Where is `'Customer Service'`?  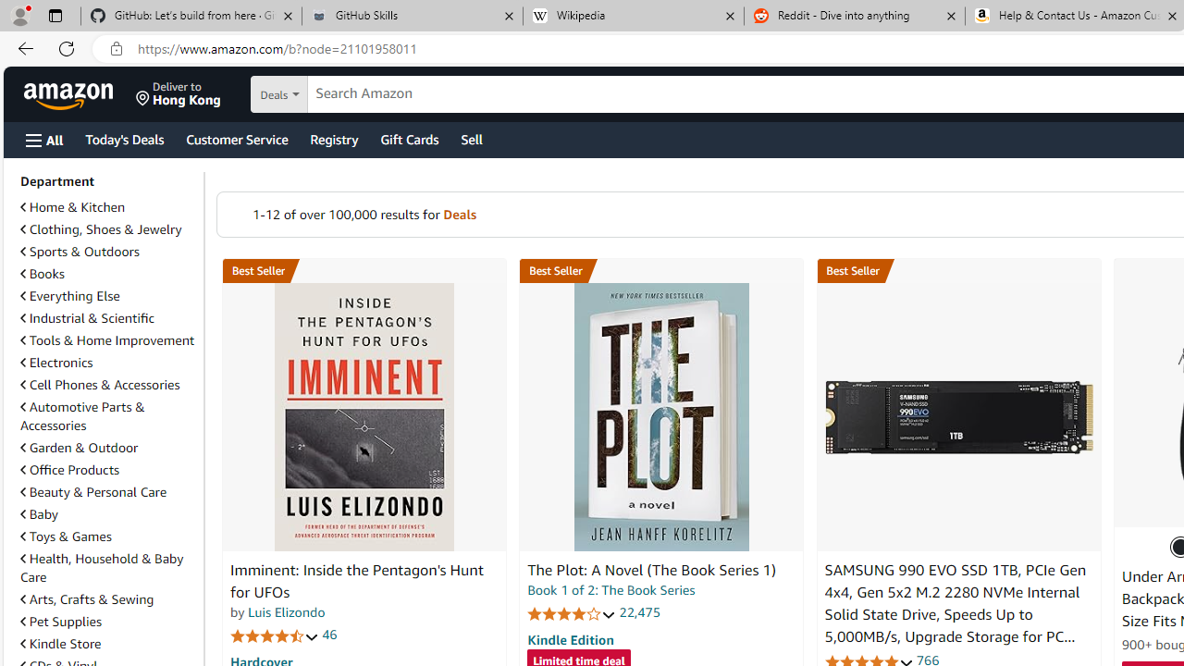 'Customer Service' is located at coordinates (236, 138).